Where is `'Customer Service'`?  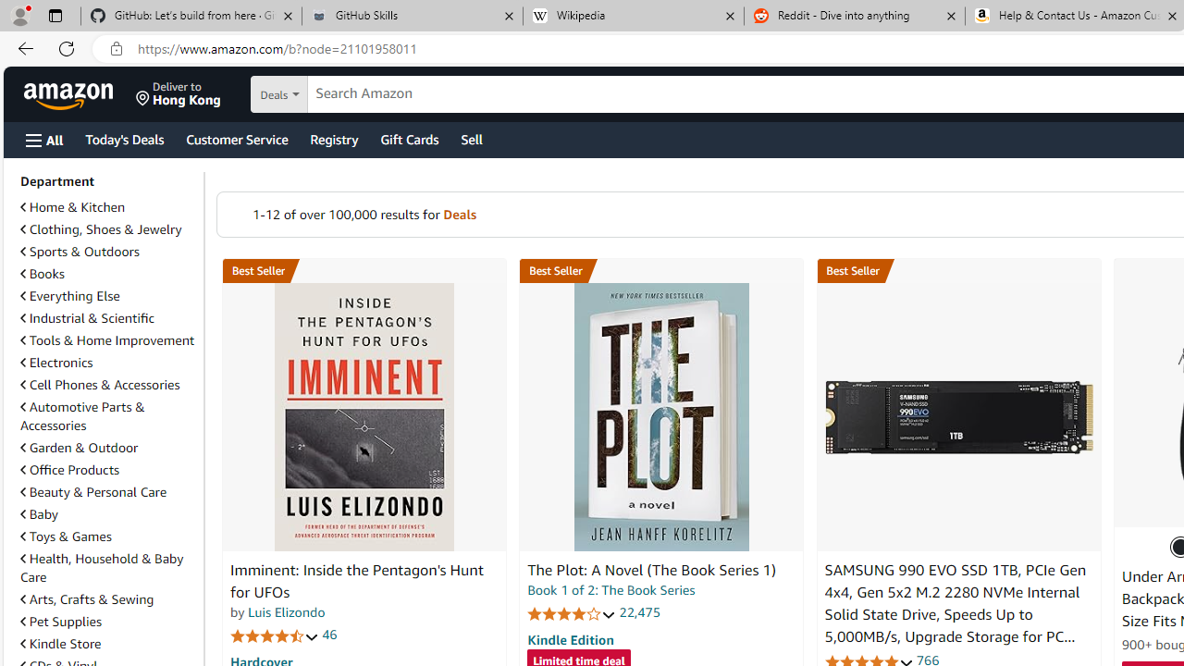 'Customer Service' is located at coordinates (236, 138).